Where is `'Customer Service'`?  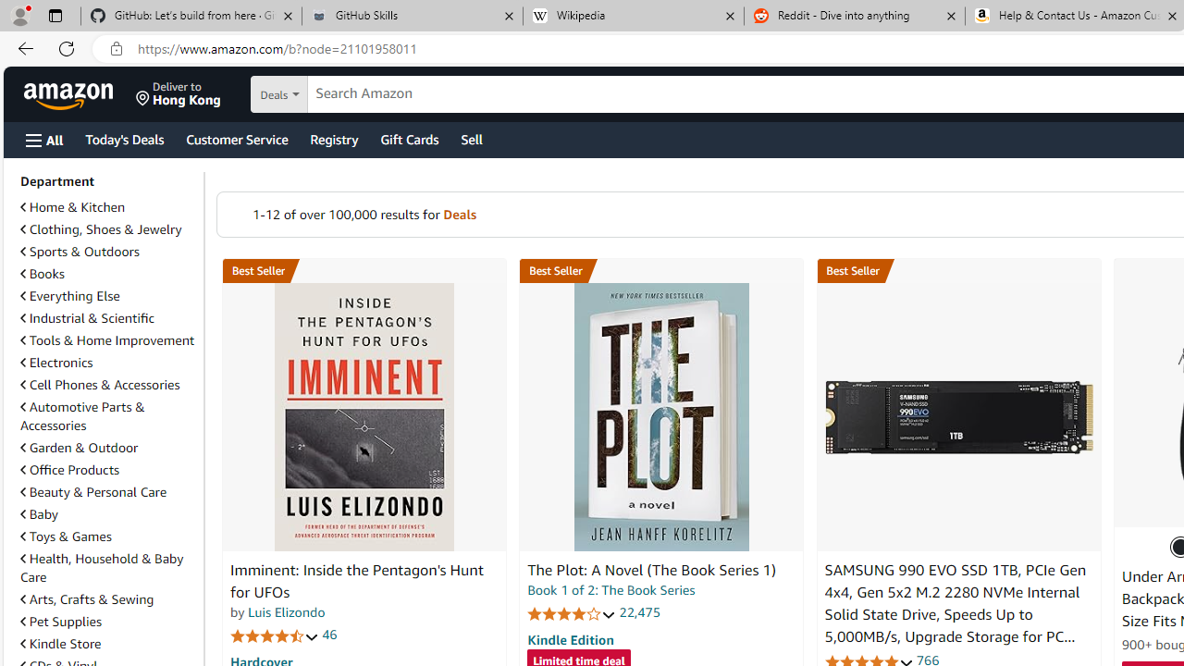 'Customer Service' is located at coordinates (236, 138).